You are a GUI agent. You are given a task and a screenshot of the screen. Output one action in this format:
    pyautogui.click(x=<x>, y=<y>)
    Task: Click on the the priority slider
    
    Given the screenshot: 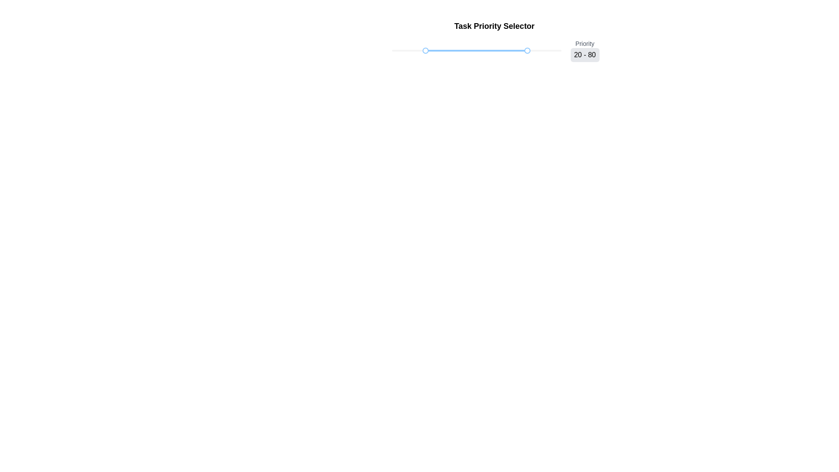 What is the action you would take?
    pyautogui.click(x=526, y=50)
    